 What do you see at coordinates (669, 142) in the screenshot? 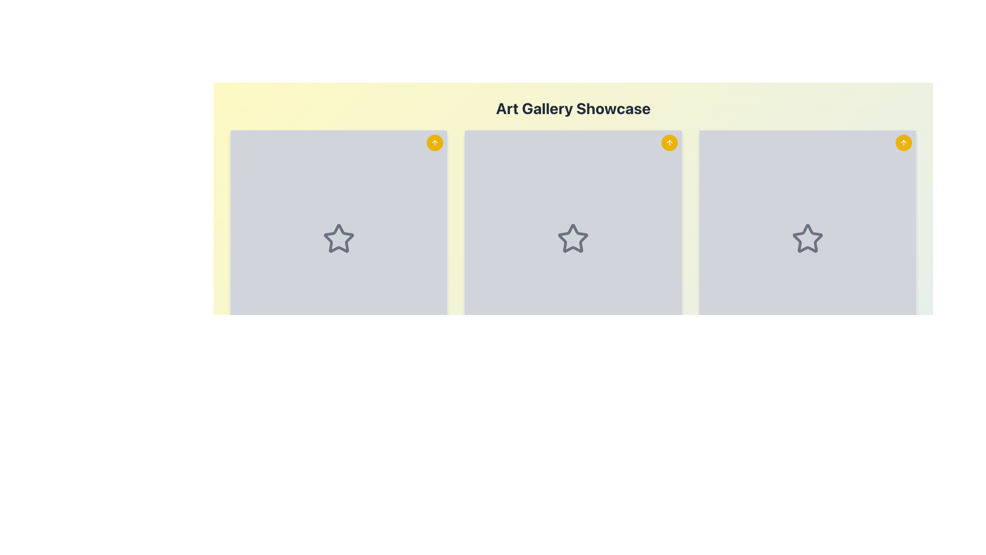
I see `the interactive button located at the top-right corner inside the second square item of the 'Art Gallery Showcase'` at bounding box center [669, 142].